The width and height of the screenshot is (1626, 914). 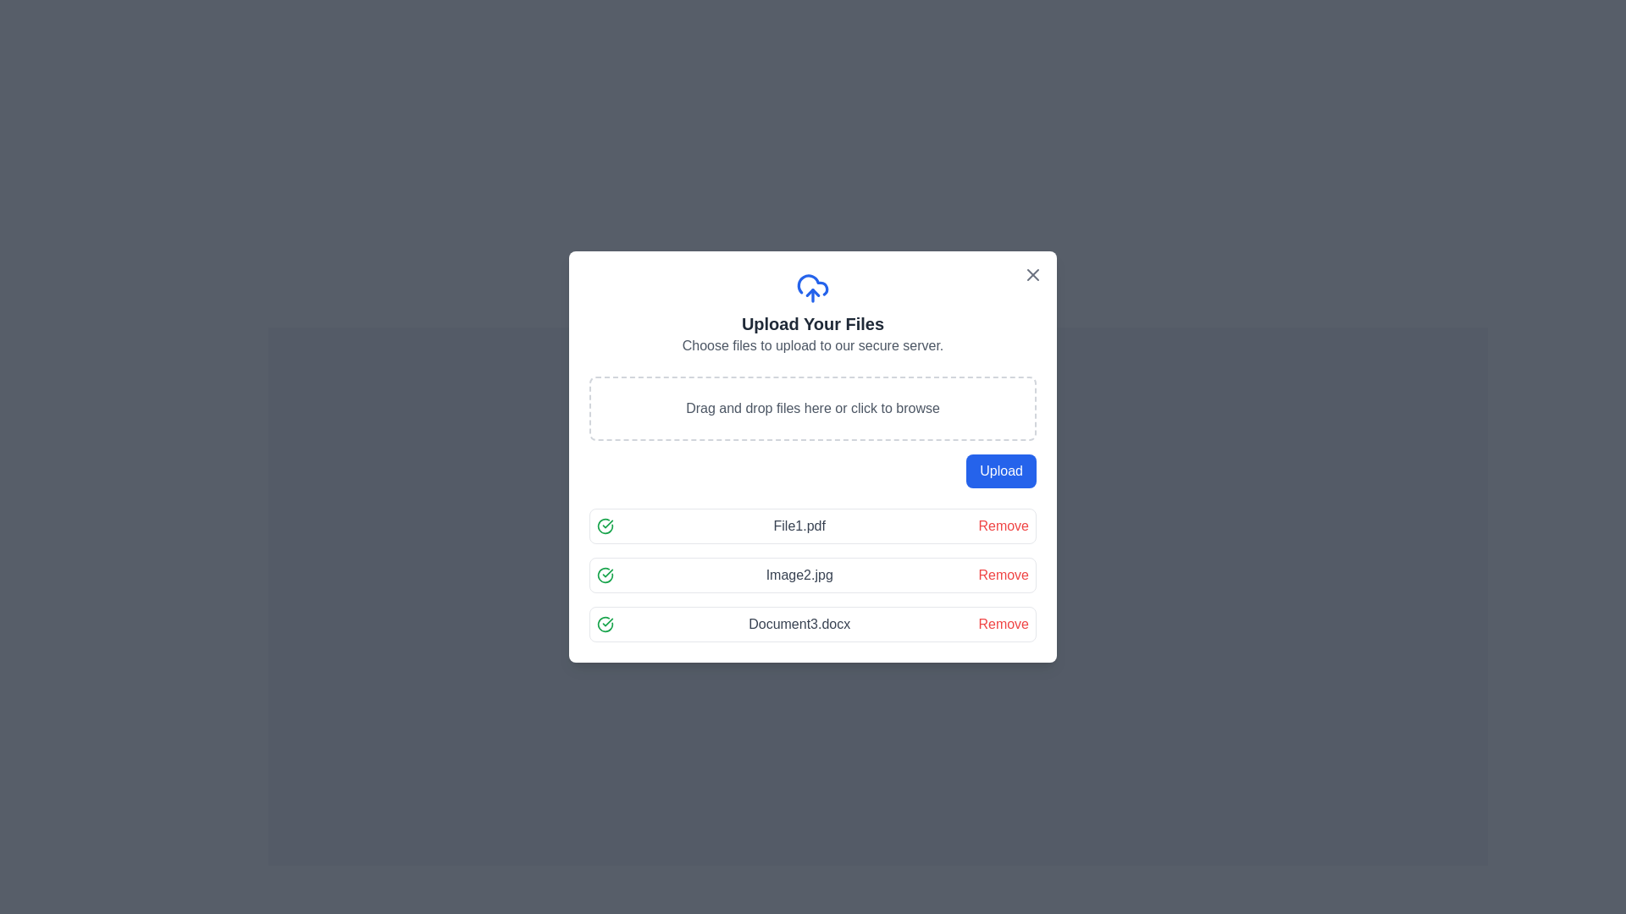 What do you see at coordinates (606, 624) in the screenshot?
I see `the circular green check mark icon representing confirmation for the document 'Document3.docx'` at bounding box center [606, 624].